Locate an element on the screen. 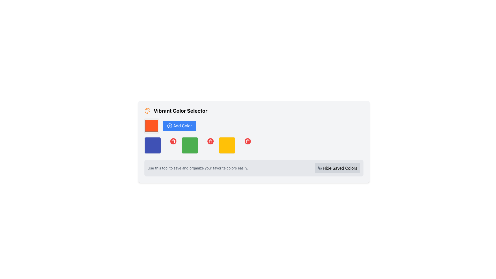  the red-orange color selection box with rounded corners is located at coordinates (151, 126).